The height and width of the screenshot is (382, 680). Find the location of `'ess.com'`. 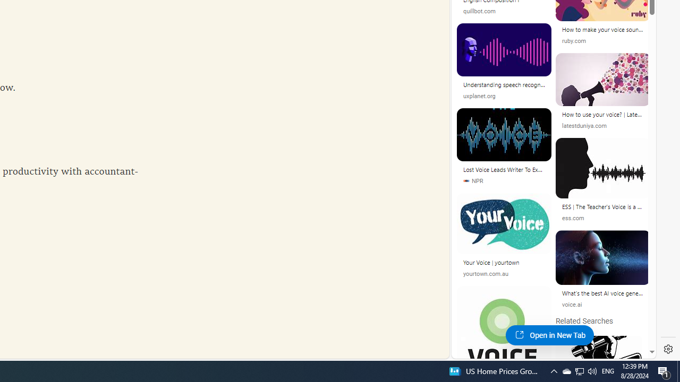

'ess.com' is located at coordinates (603, 218).